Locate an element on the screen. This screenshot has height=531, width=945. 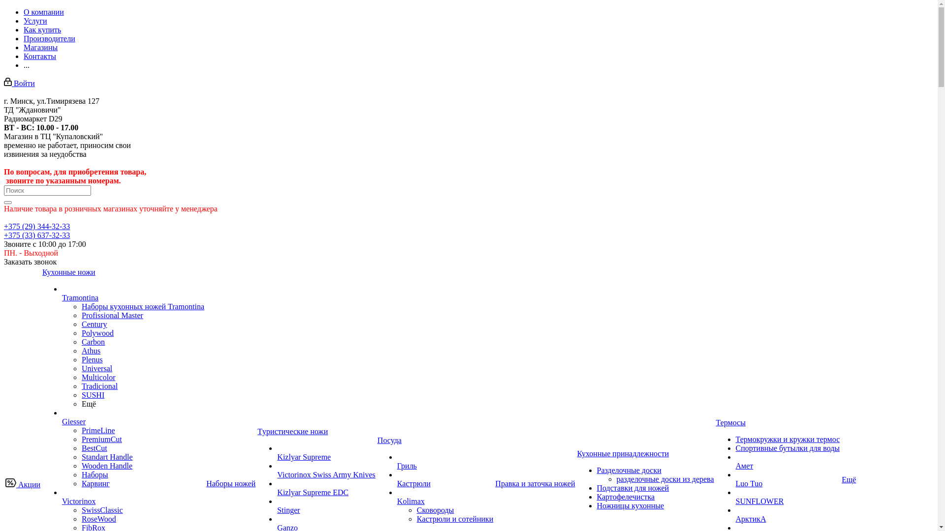
'Stinger' is located at coordinates (276, 503).